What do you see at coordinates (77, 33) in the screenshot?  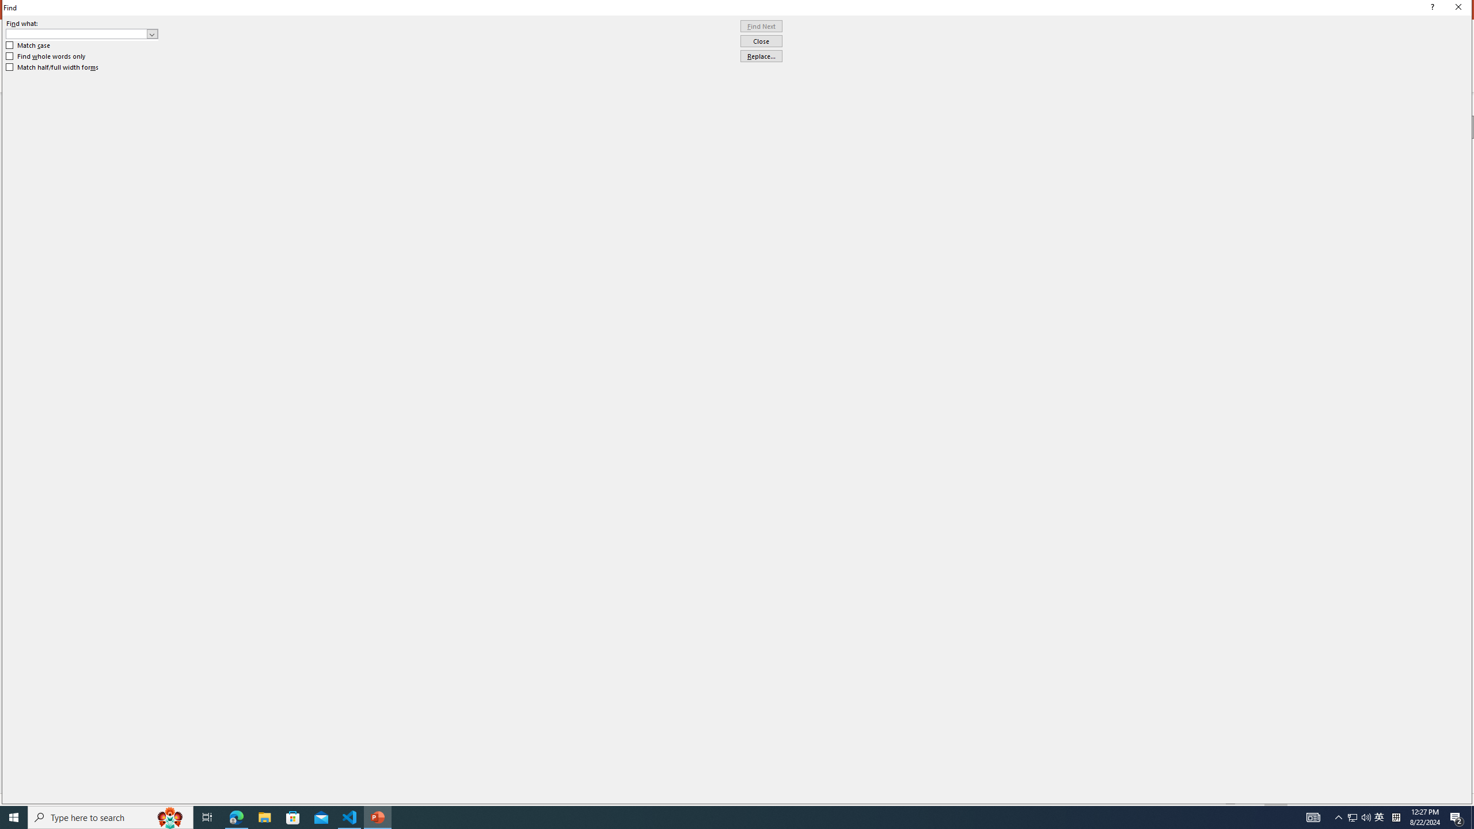 I see `'Find what'` at bounding box center [77, 33].